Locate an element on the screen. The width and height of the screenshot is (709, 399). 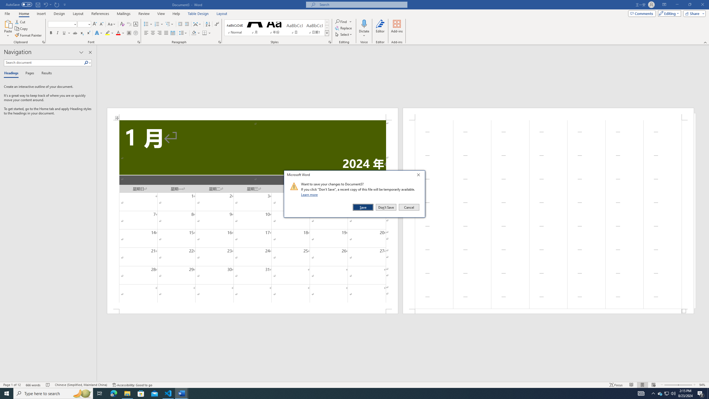
'Zoom Out' is located at coordinates (671, 385).